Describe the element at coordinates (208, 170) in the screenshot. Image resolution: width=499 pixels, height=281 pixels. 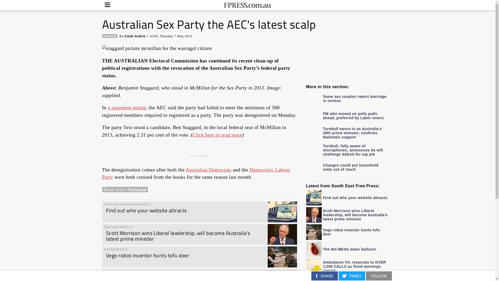
I see `'Australian Democrats'` at that location.